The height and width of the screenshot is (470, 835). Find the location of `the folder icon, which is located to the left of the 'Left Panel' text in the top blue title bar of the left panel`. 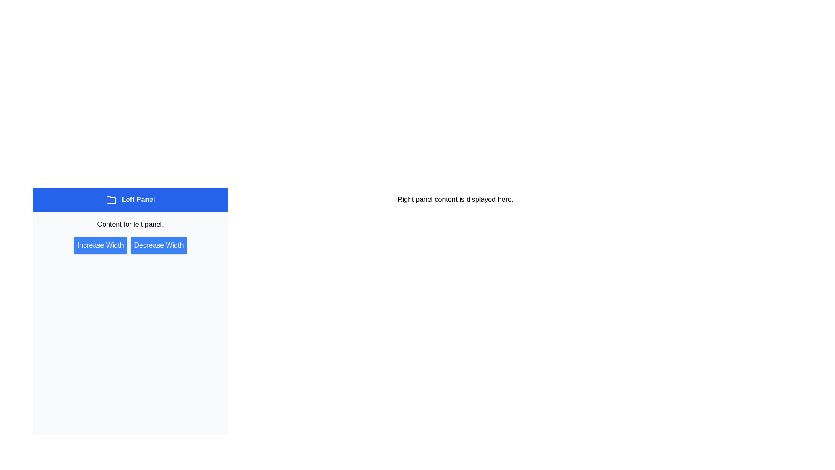

the folder icon, which is located to the left of the 'Left Panel' text in the top blue title bar of the left panel is located at coordinates (110, 200).